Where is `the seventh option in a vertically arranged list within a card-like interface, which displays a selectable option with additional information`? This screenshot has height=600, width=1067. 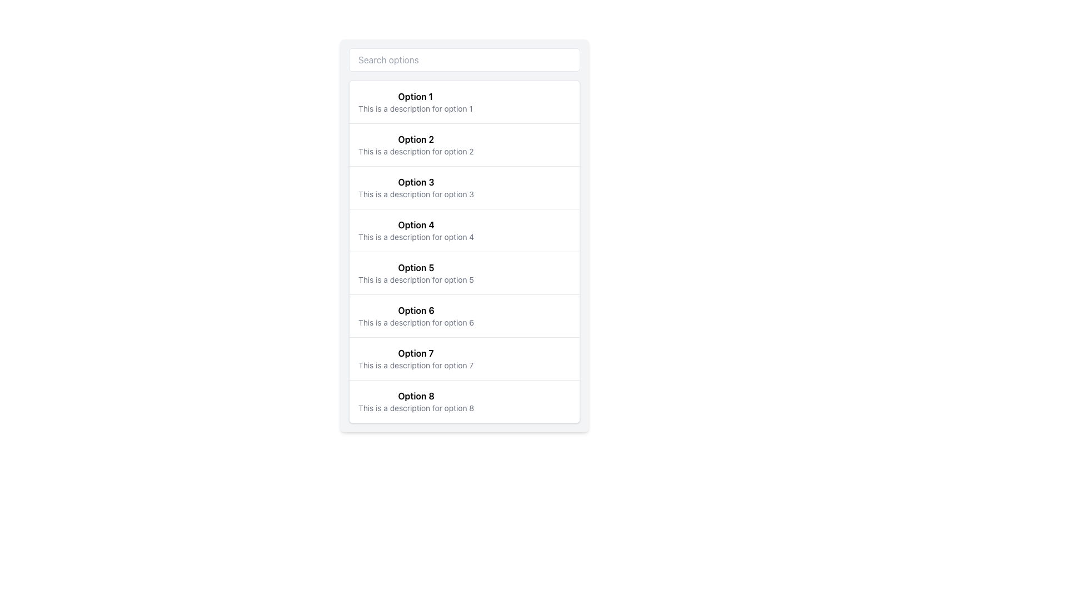 the seventh option in a vertically arranged list within a card-like interface, which displays a selectable option with additional information is located at coordinates (464, 358).